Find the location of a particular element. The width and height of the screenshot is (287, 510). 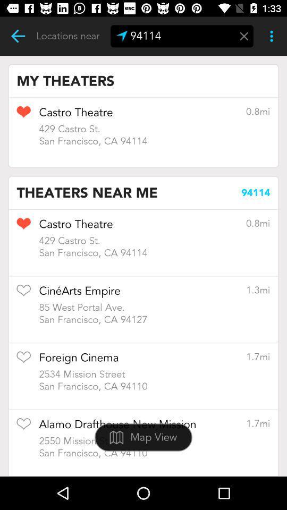

delete is located at coordinates (244, 36).